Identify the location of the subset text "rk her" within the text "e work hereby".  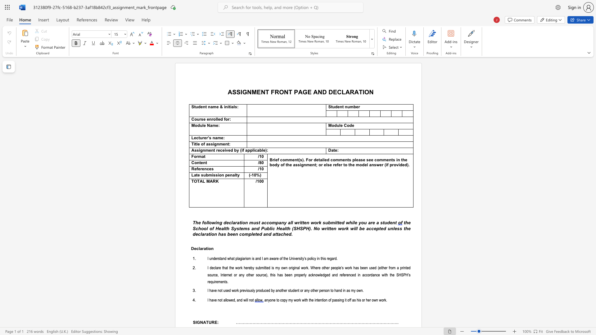
(239, 268).